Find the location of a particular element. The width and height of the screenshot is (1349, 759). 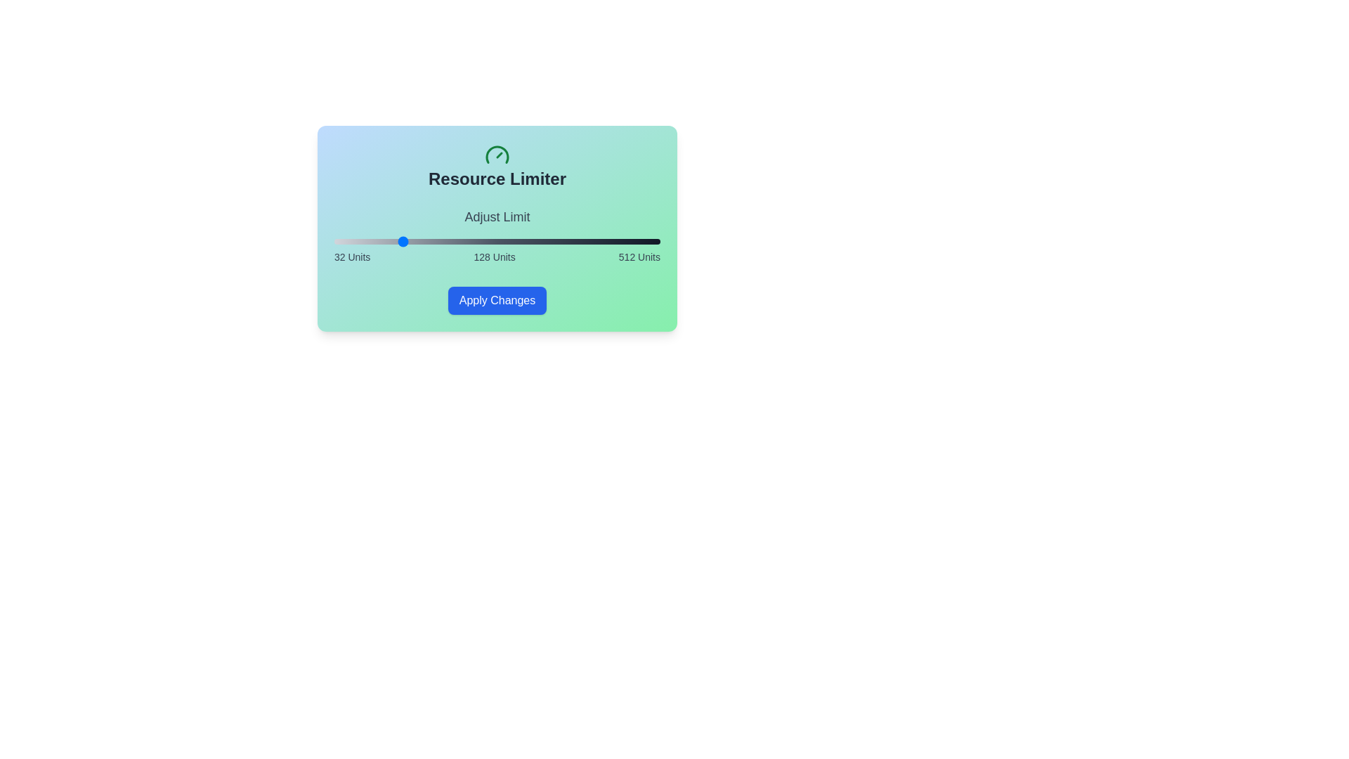

the slider to set its value to 412 is located at coordinates (592, 240).